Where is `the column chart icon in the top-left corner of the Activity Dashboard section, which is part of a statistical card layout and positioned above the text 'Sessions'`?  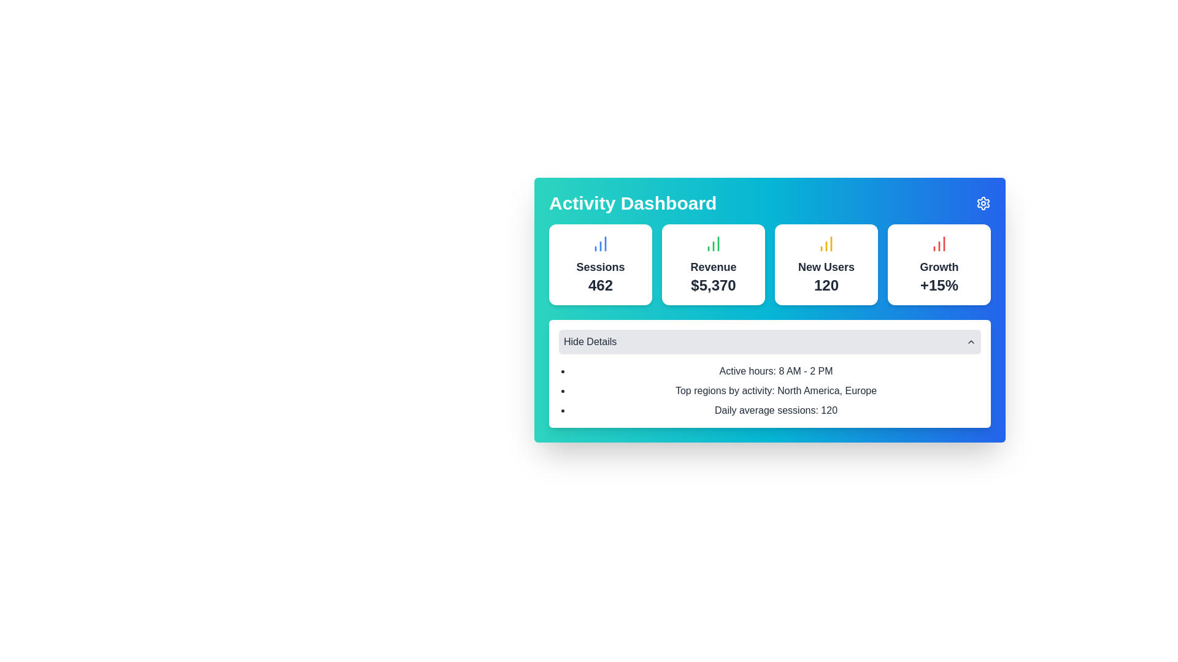
the column chart icon in the top-left corner of the Activity Dashboard section, which is part of a statistical card layout and positioned above the text 'Sessions' is located at coordinates (601, 243).